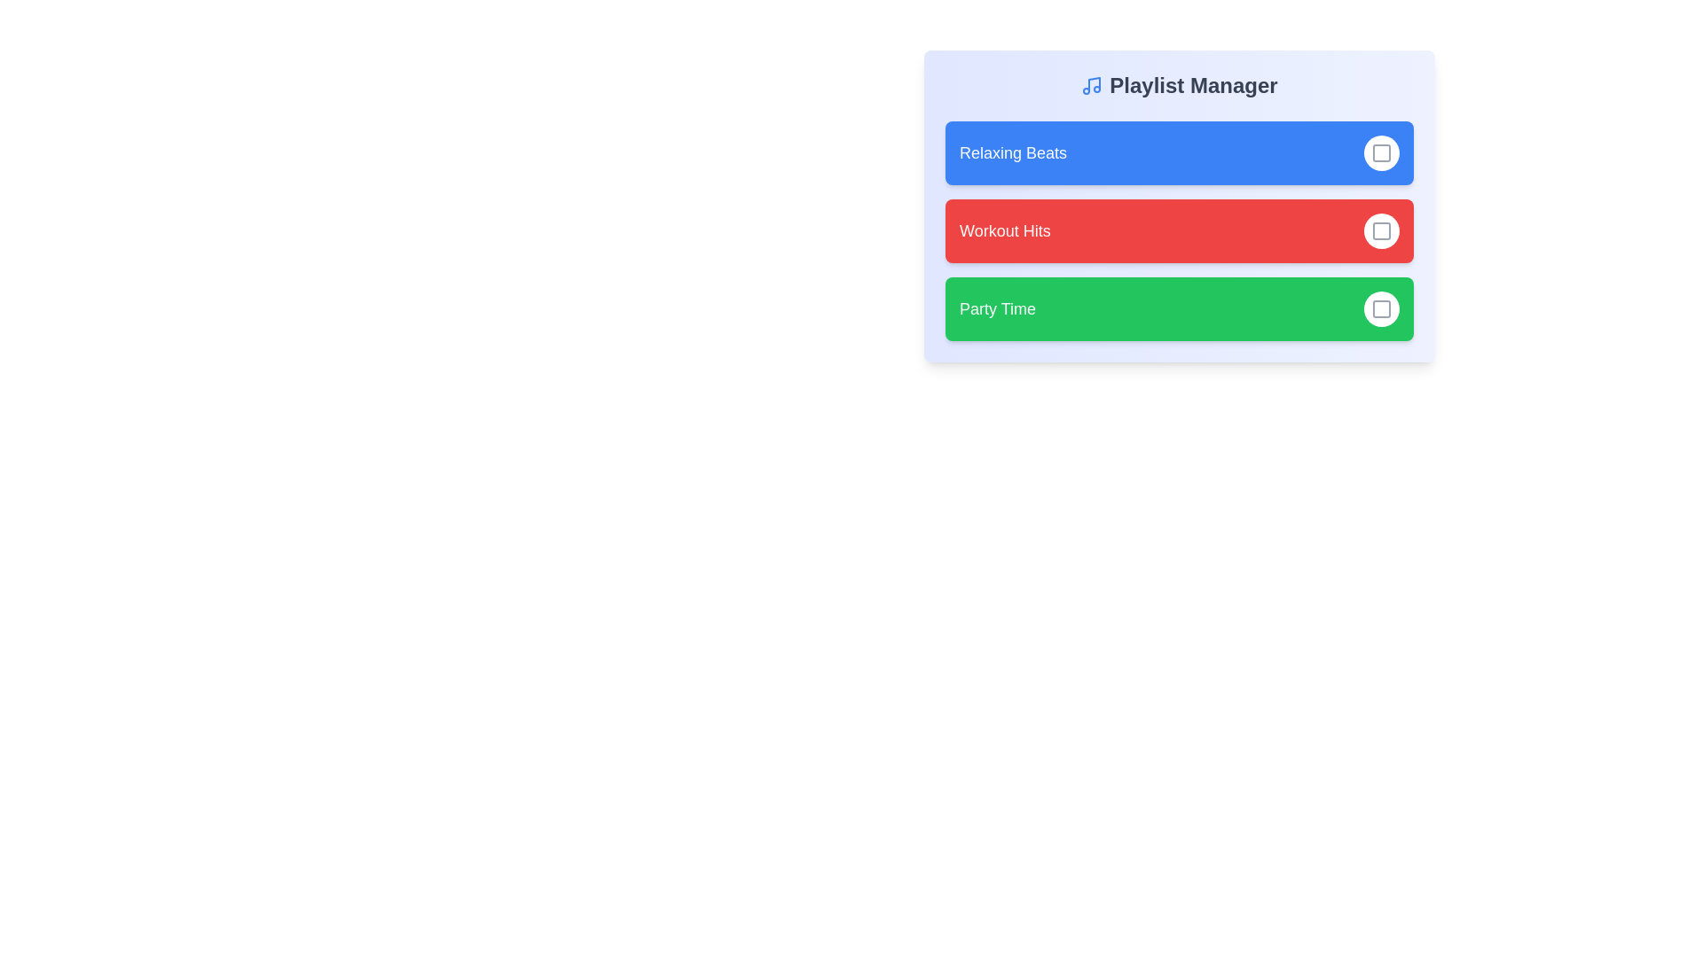  Describe the element at coordinates (1381, 230) in the screenshot. I see `the playlist Workout Hits` at that location.